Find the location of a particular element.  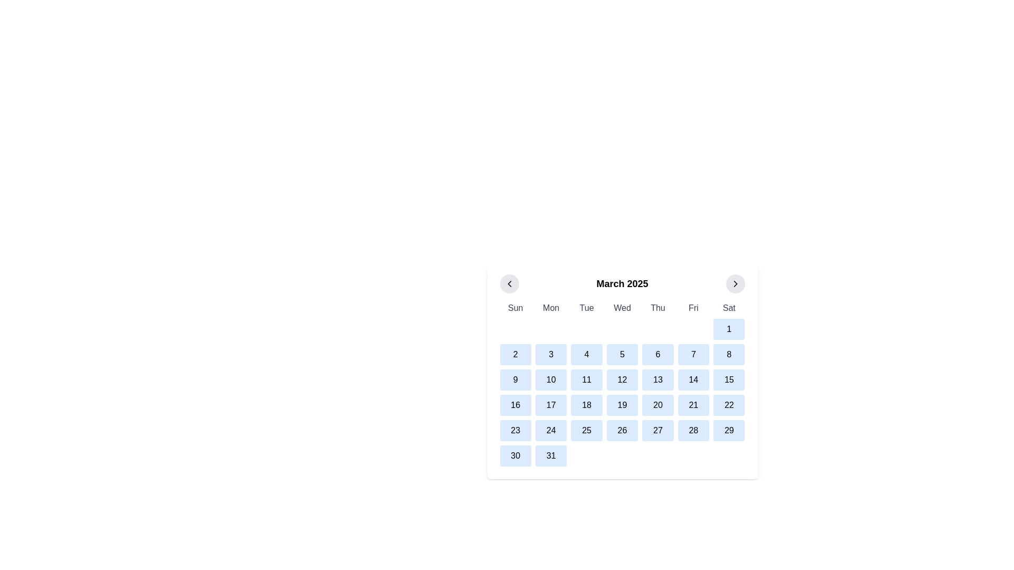

the button representing the 6th day of the month in the calendar is located at coordinates (657, 354).